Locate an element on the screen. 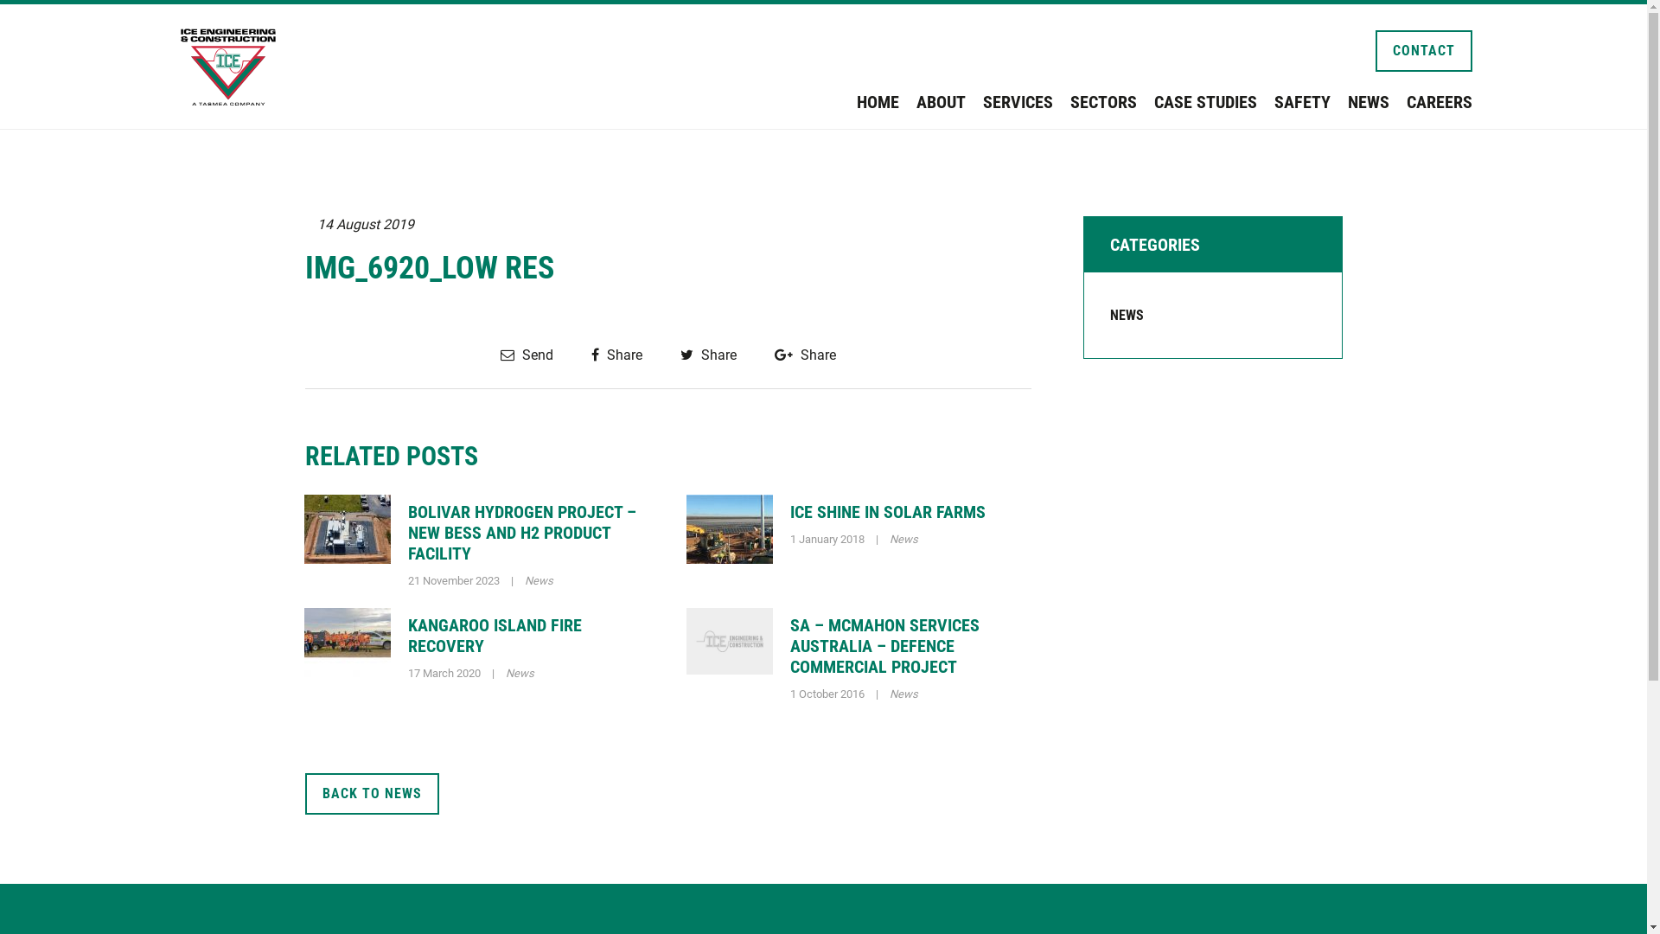 The width and height of the screenshot is (1660, 934). 'CAREERS' is located at coordinates (1439, 102).